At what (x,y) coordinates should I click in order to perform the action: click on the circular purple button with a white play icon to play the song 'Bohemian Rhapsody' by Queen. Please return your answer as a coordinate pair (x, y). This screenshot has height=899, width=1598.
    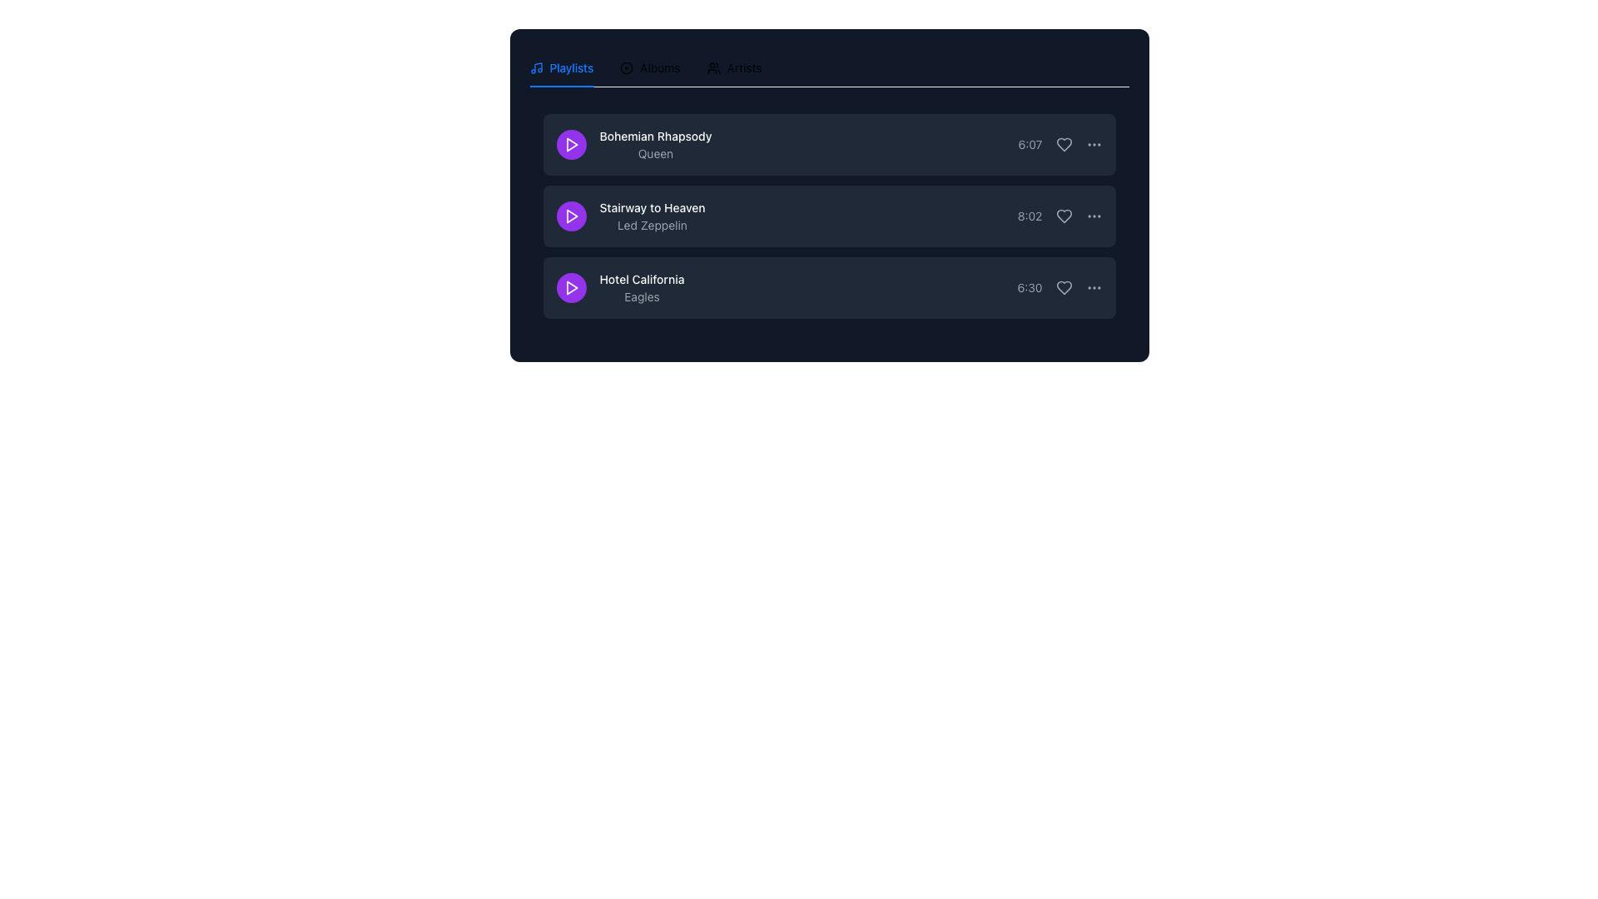
    Looking at the image, I should click on (571, 143).